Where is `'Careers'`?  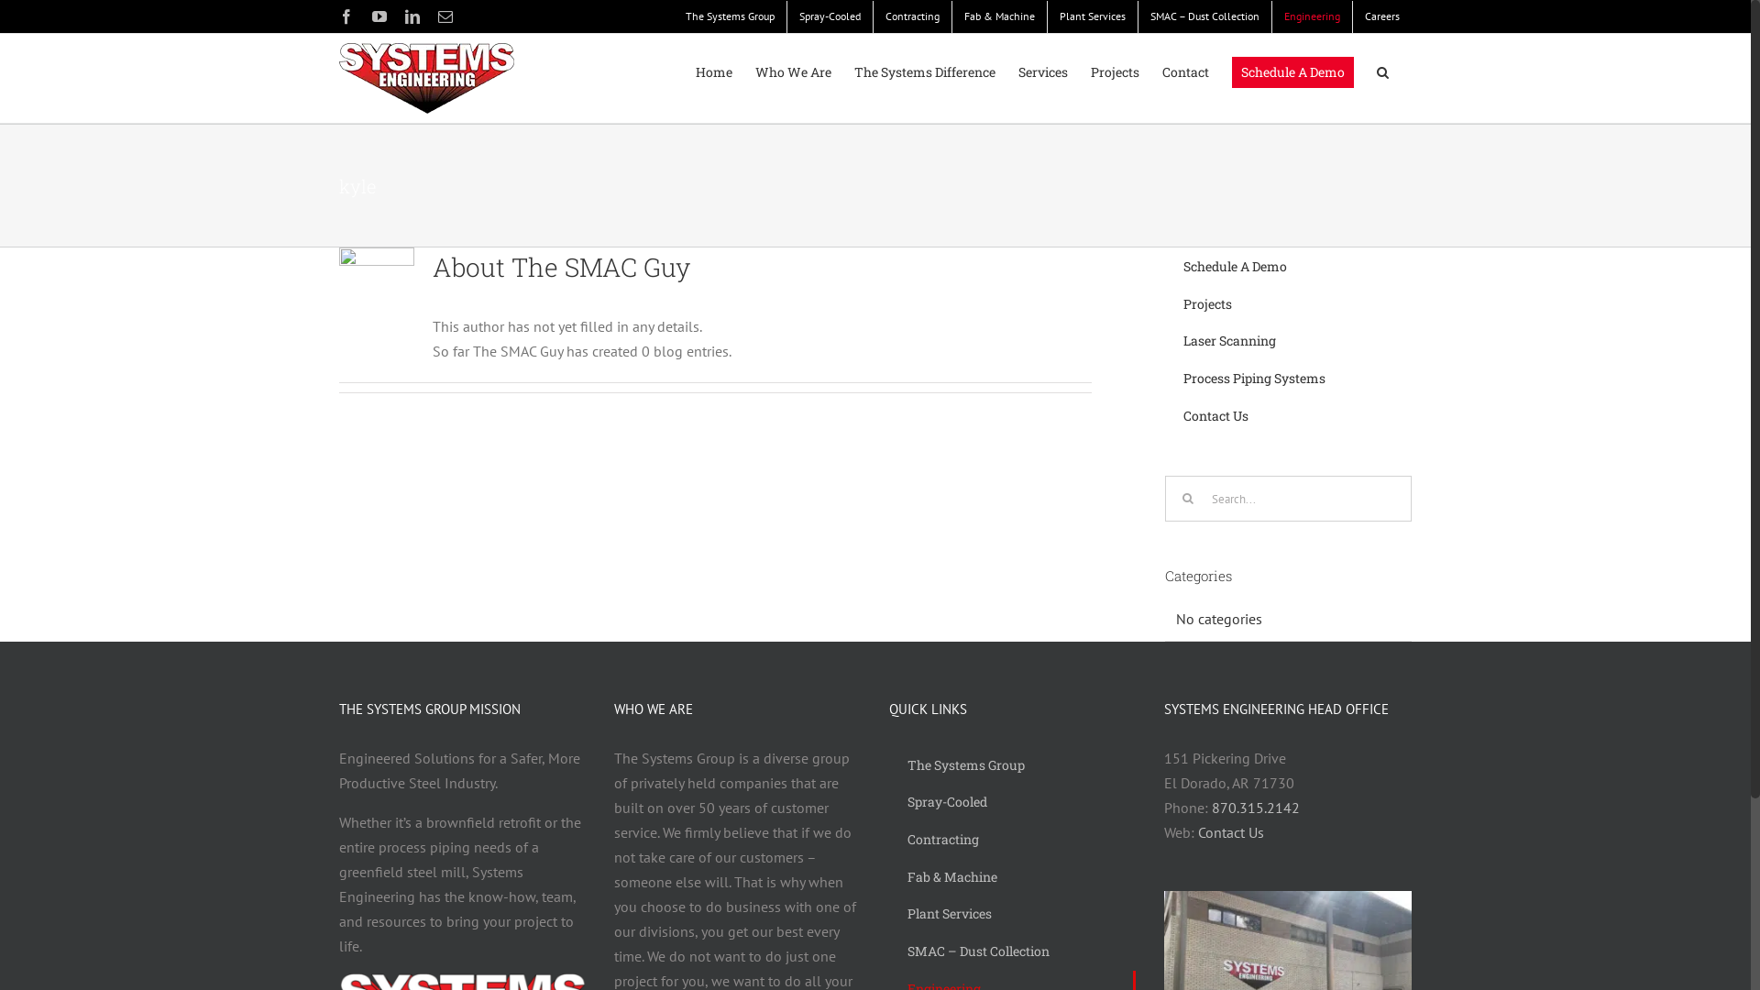
'Careers' is located at coordinates (1381, 16).